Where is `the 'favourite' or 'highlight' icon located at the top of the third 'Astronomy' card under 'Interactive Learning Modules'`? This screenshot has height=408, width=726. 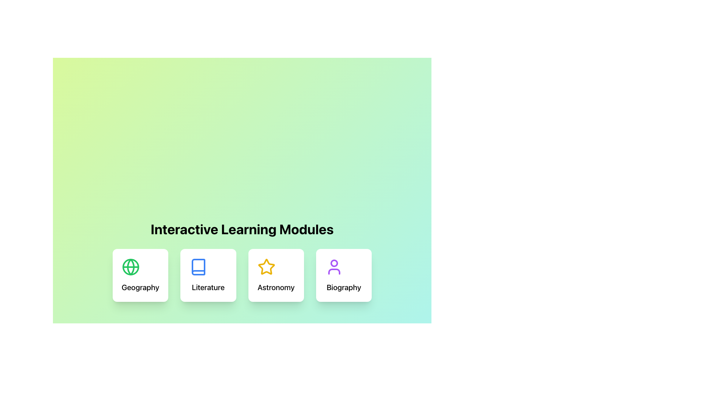
the 'favourite' or 'highlight' icon located at the top of the third 'Astronomy' card under 'Interactive Learning Modules' is located at coordinates (266, 266).